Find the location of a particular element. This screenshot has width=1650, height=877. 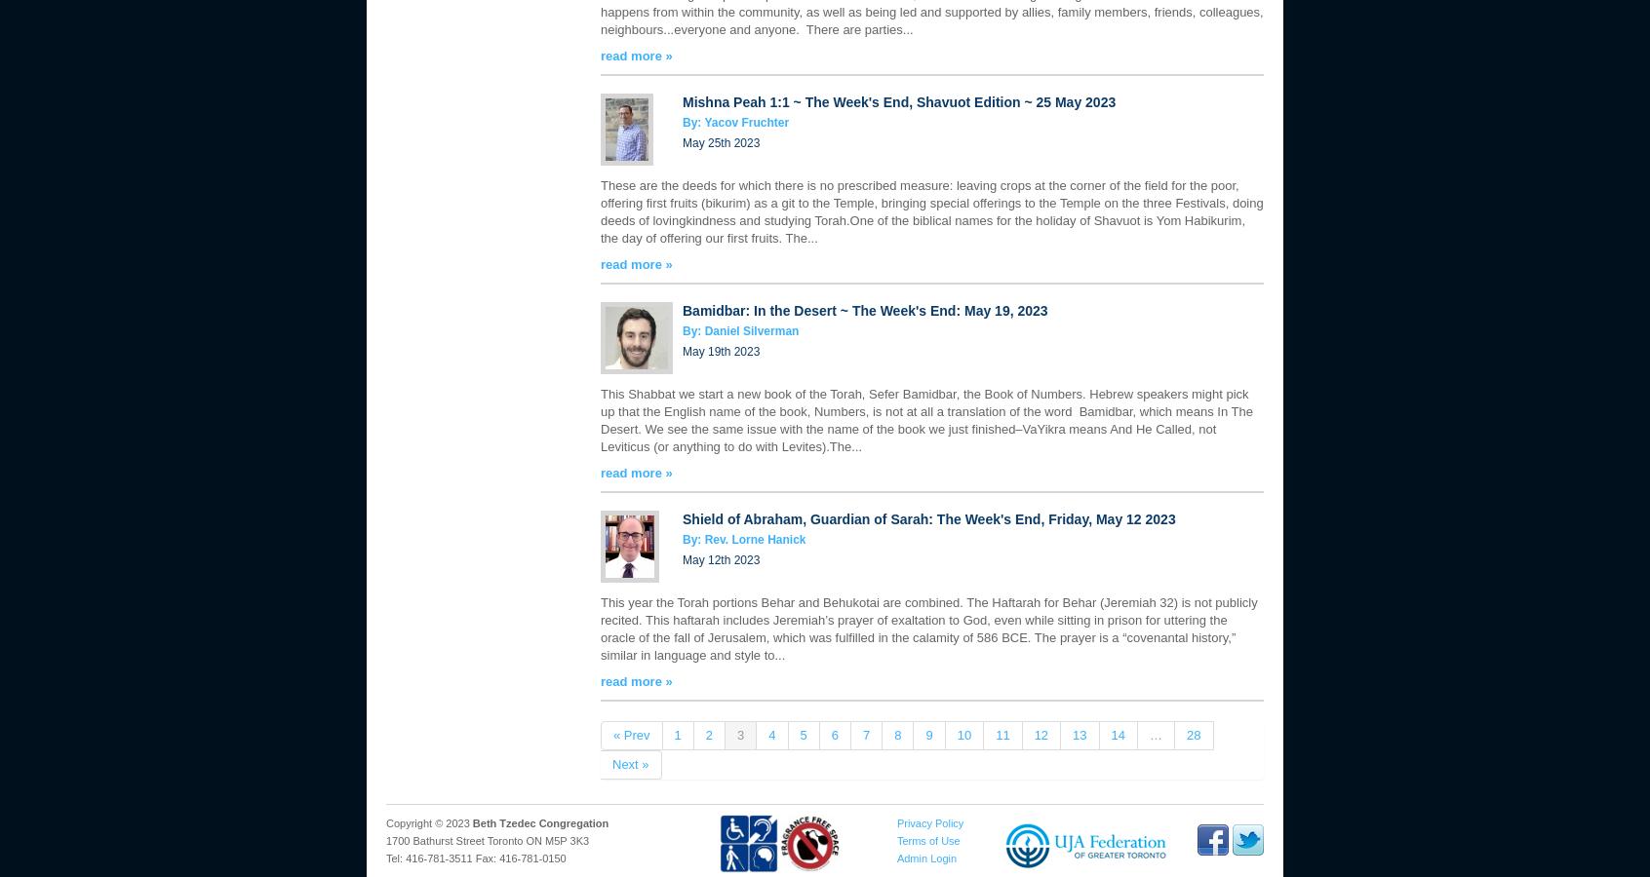

'By: Rev. Lorne Hanick' is located at coordinates (742, 539).